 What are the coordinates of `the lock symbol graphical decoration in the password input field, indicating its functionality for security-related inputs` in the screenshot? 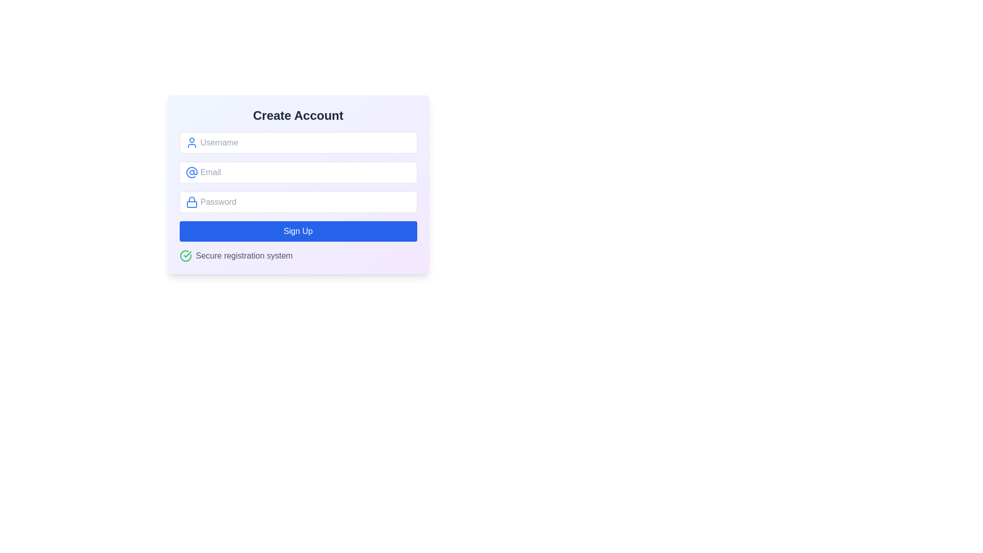 It's located at (191, 199).